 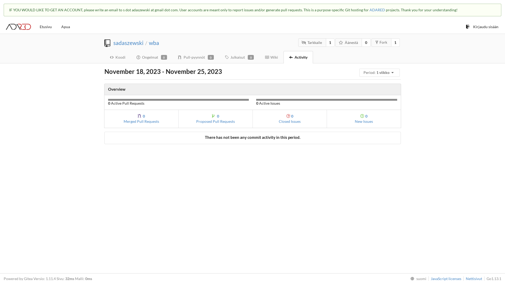 I want to click on 'Etusivu', so click(x=46, y=27).